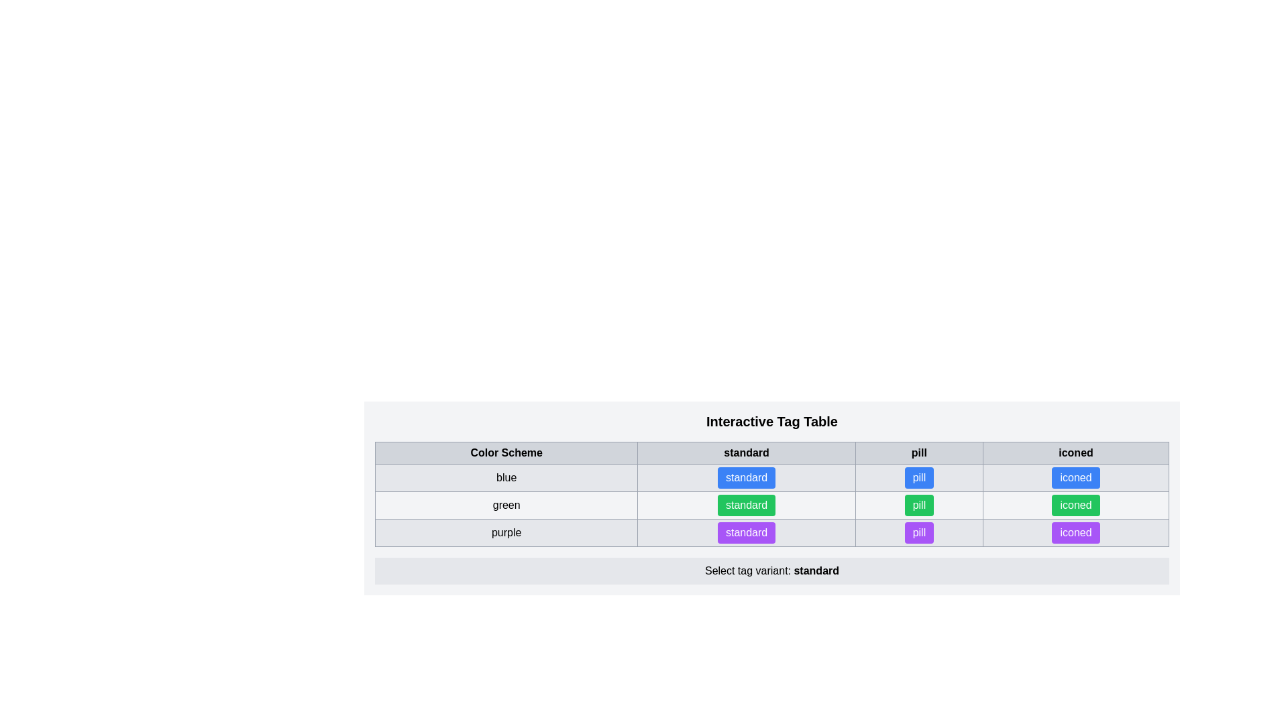 The height and width of the screenshot is (724, 1288). I want to click on the button labeled 'iconed' located in the third row and third column of the 'green' row, so click(1075, 505).